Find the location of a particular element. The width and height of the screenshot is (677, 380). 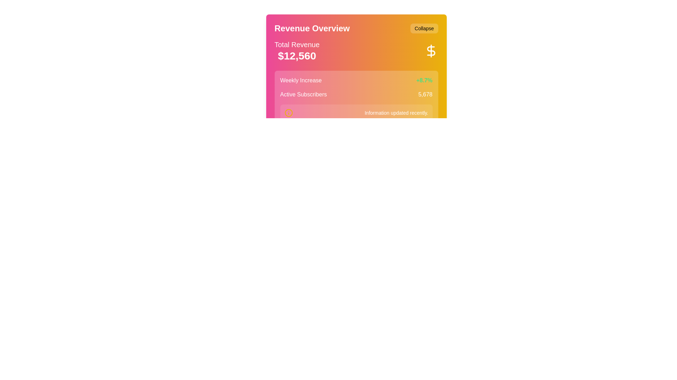

the label that provides context for the adjacent numerical value '+8.7%' in the 'Revenue Overview' card is located at coordinates (301, 80).